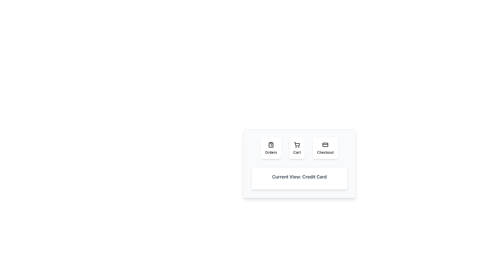 This screenshot has height=273, width=485. I want to click on the Cart button located between the Orders and Checkout blocks, so click(297, 148).